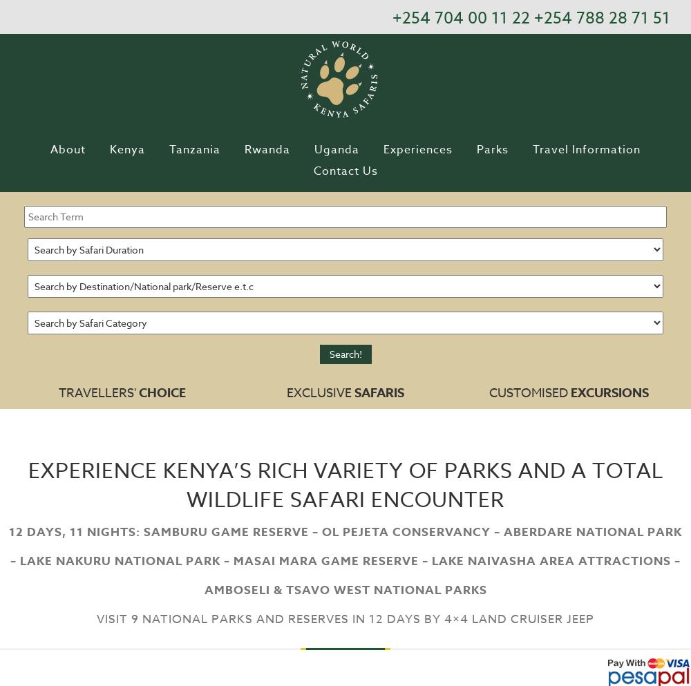 The image size is (691, 686). I want to click on 'Travel Information', so click(533, 149).